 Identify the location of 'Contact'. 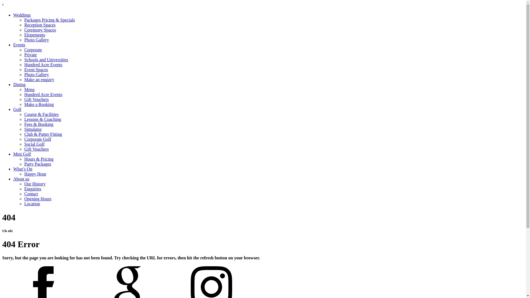
(31, 193).